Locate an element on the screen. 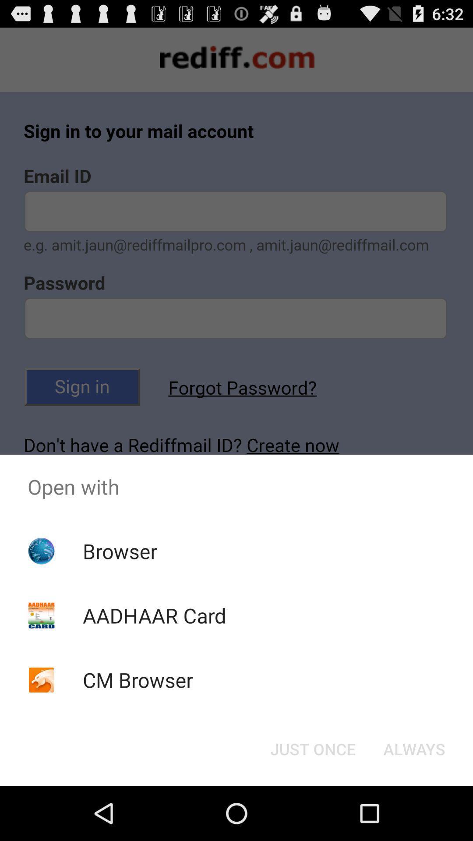 This screenshot has height=841, width=473. button to the left of always button is located at coordinates (312, 748).